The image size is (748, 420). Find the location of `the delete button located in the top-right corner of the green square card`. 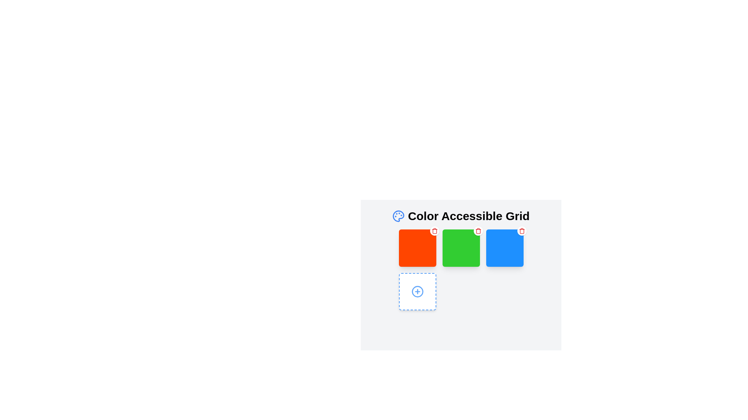

the delete button located in the top-right corner of the green square card is located at coordinates (478, 231).